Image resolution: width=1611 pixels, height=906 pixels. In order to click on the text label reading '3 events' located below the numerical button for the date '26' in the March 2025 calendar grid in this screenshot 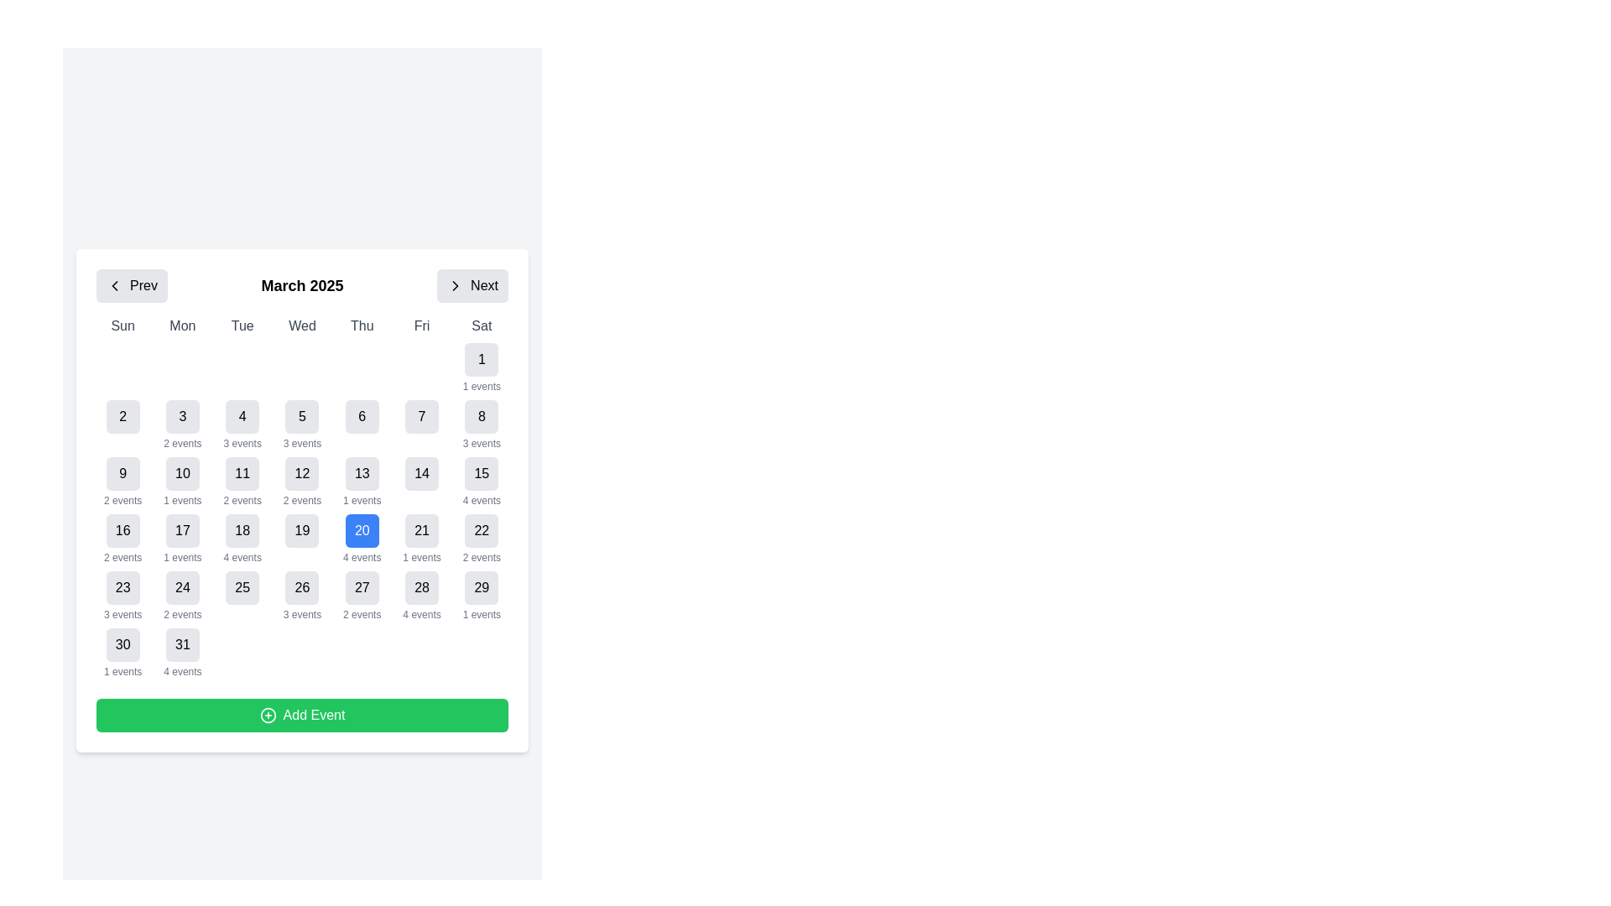, I will do `click(302, 614)`.